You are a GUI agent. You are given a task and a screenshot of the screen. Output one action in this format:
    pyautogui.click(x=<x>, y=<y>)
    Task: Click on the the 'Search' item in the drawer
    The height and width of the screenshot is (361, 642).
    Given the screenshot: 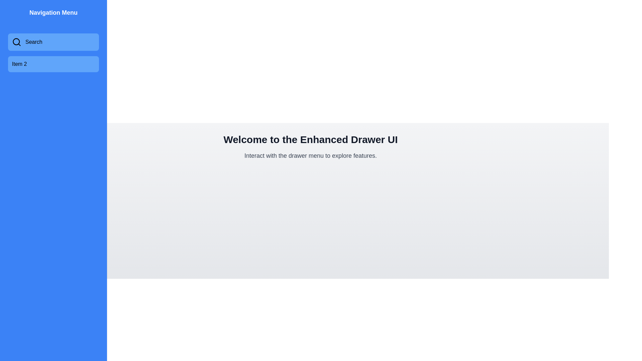 What is the action you would take?
    pyautogui.click(x=53, y=42)
    